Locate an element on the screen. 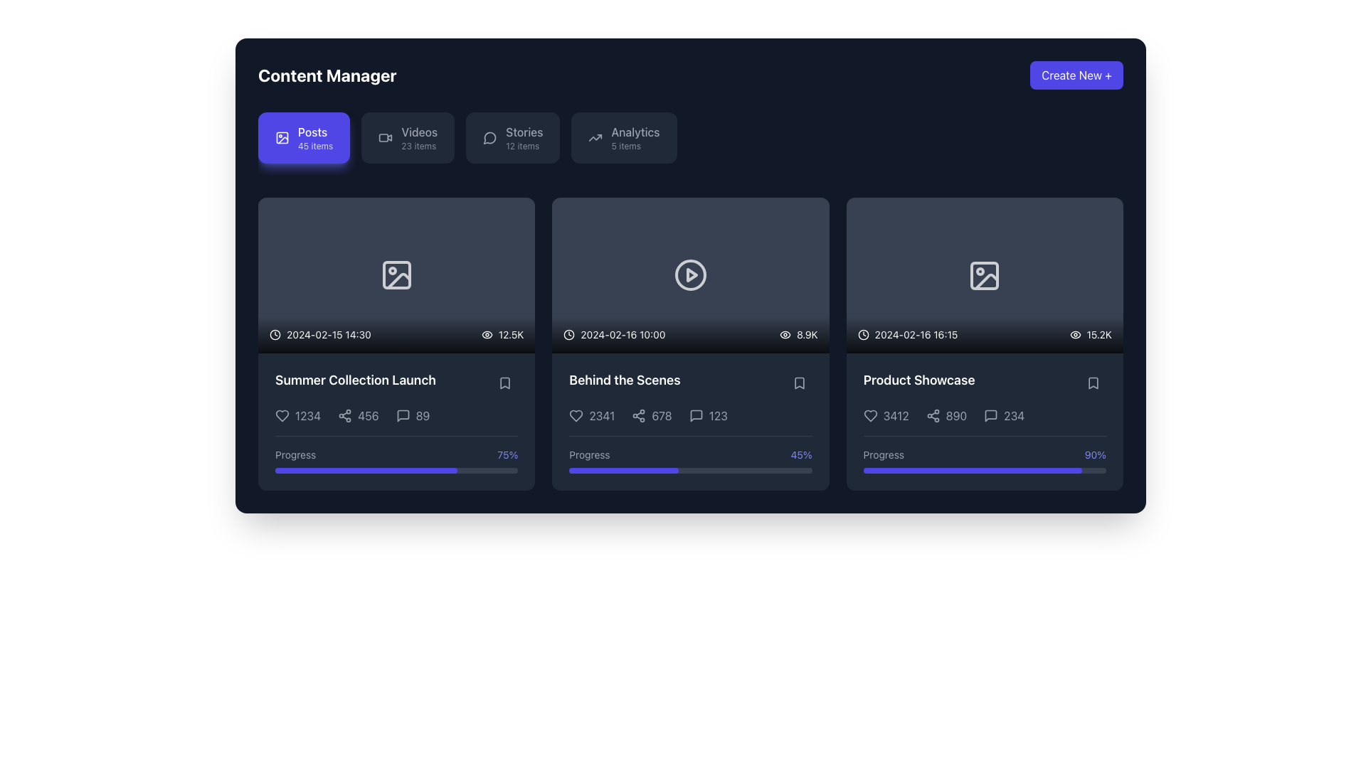  the progress bar indicating 75% completion located at the bottom section of the 'Summer Collection Launch' card is located at coordinates (396, 454).